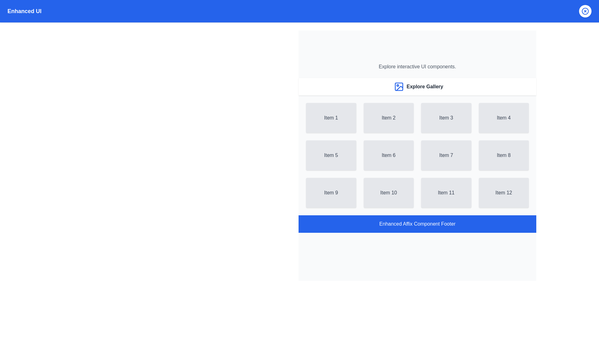 Image resolution: width=599 pixels, height=337 pixels. What do you see at coordinates (417, 86) in the screenshot?
I see `the 'Explore Gallery' button located at the top section of the interface` at bounding box center [417, 86].